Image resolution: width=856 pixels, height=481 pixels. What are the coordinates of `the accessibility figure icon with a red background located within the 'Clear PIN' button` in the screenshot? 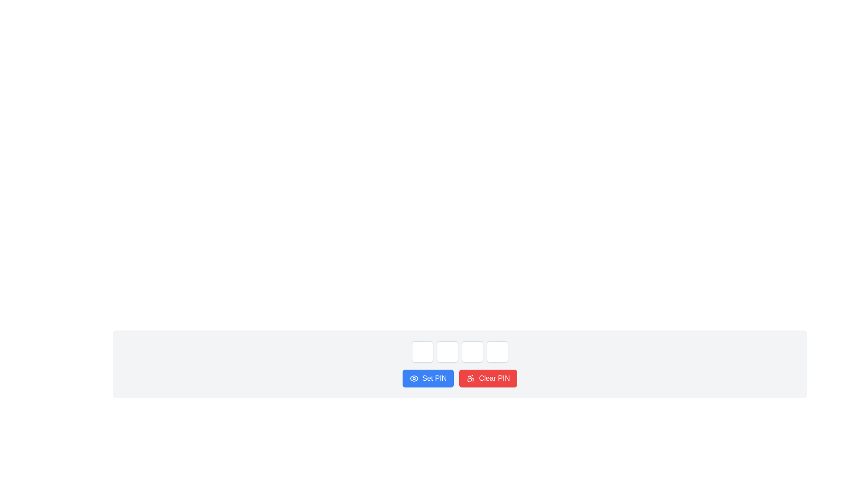 It's located at (470, 378).